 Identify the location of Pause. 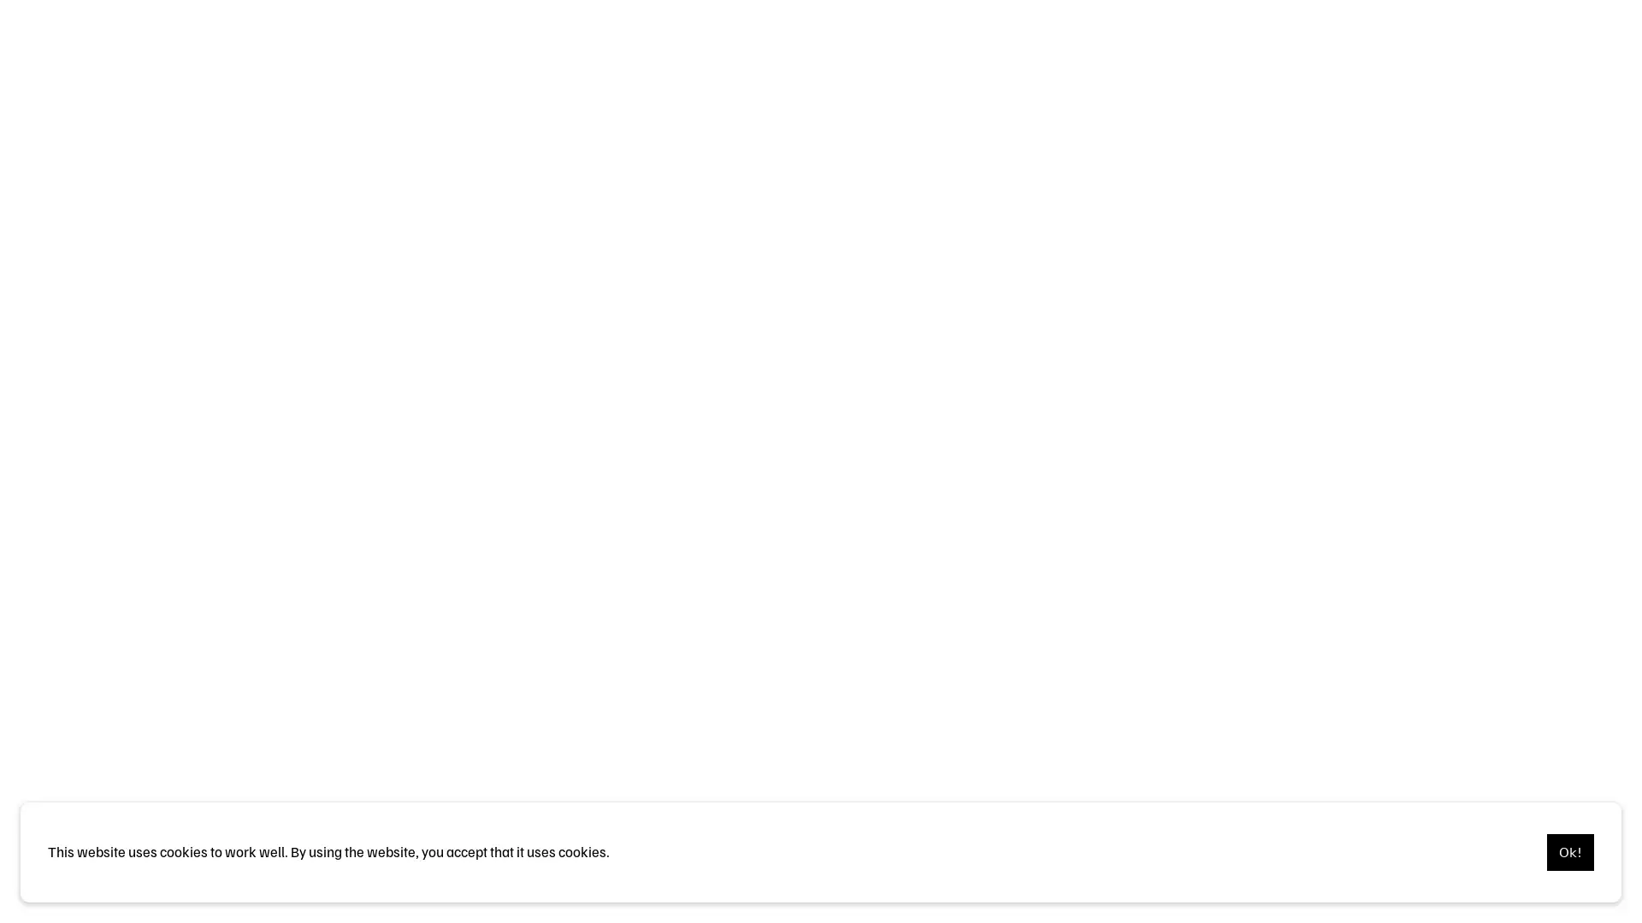
(1590, 869).